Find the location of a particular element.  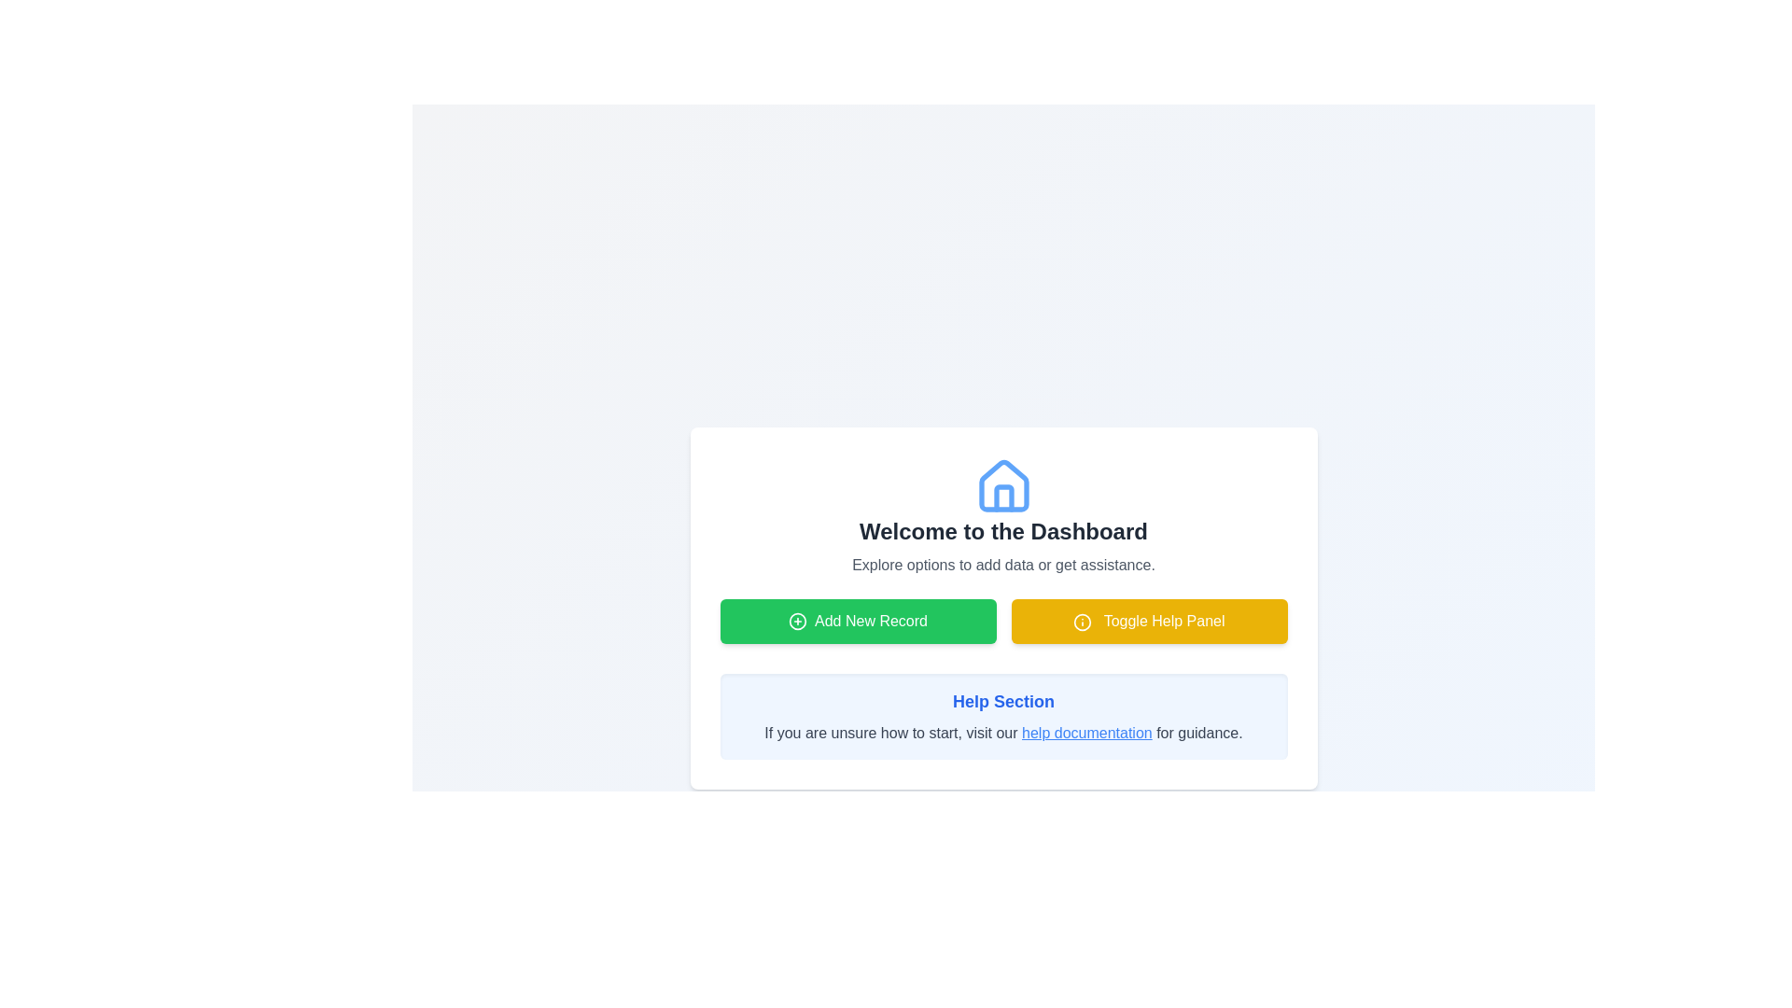

the circular icon with a green outline and a plus sign inside, located to the left of the yellow button labeled 'Toggle Help Panel', within the central panel of the interface is located at coordinates (797, 622).